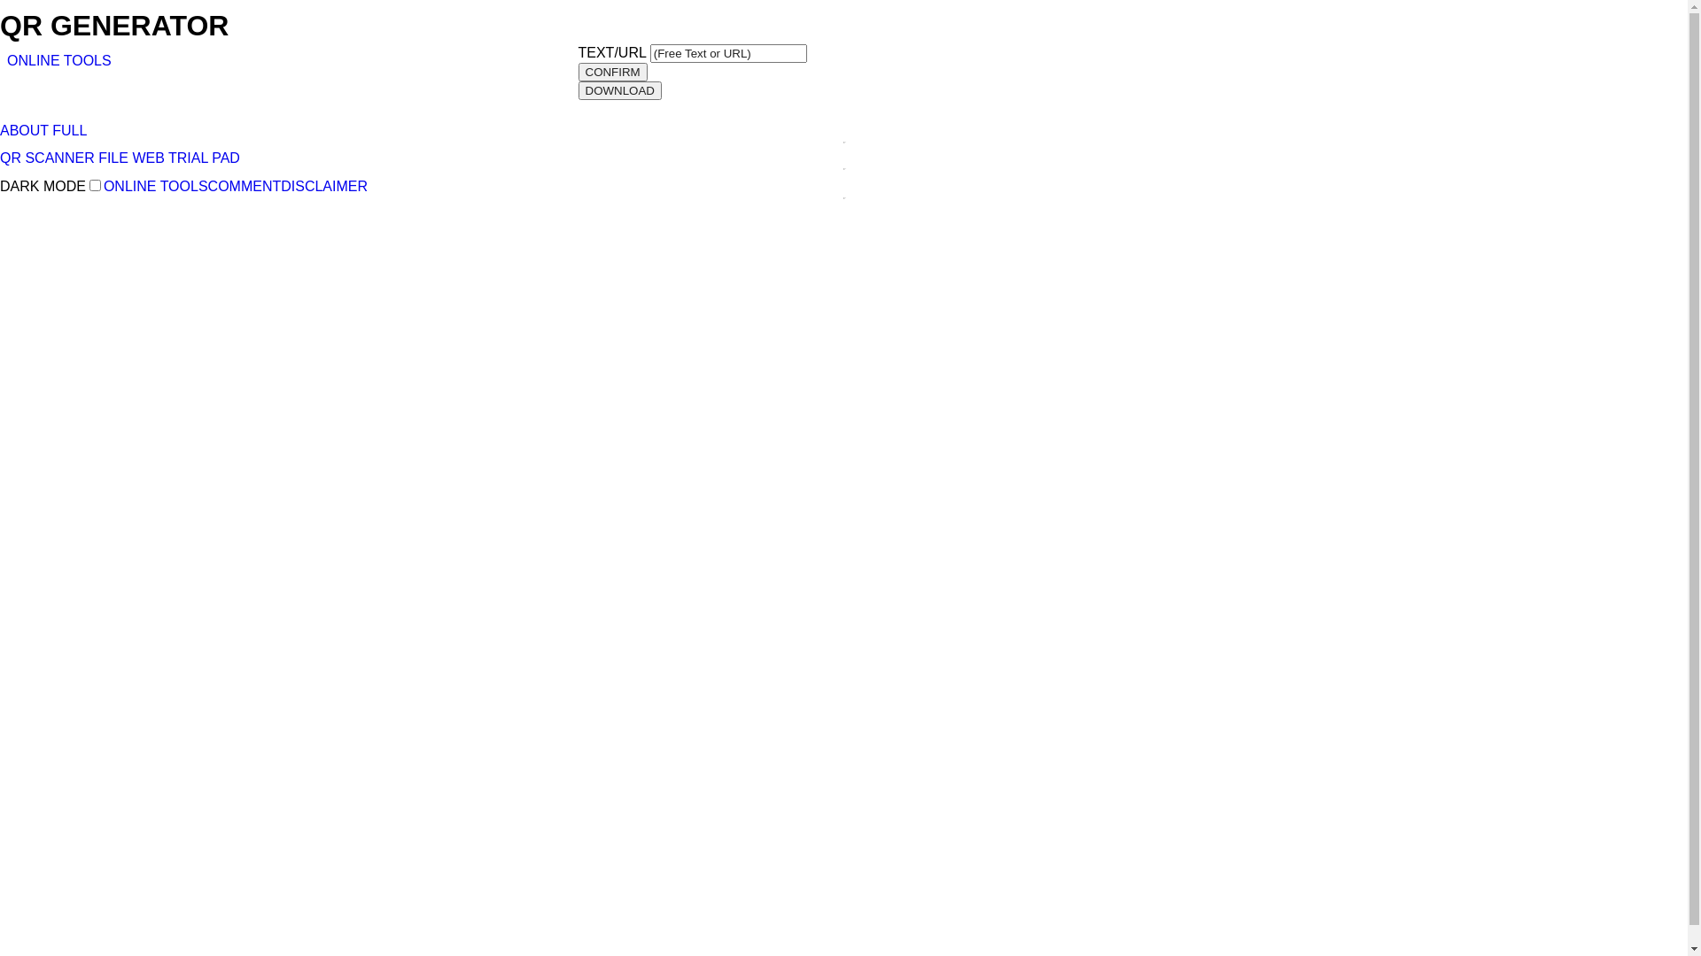 The width and height of the screenshot is (1701, 956). What do you see at coordinates (156, 186) in the screenshot?
I see `'ONLINE TOOLS'` at bounding box center [156, 186].